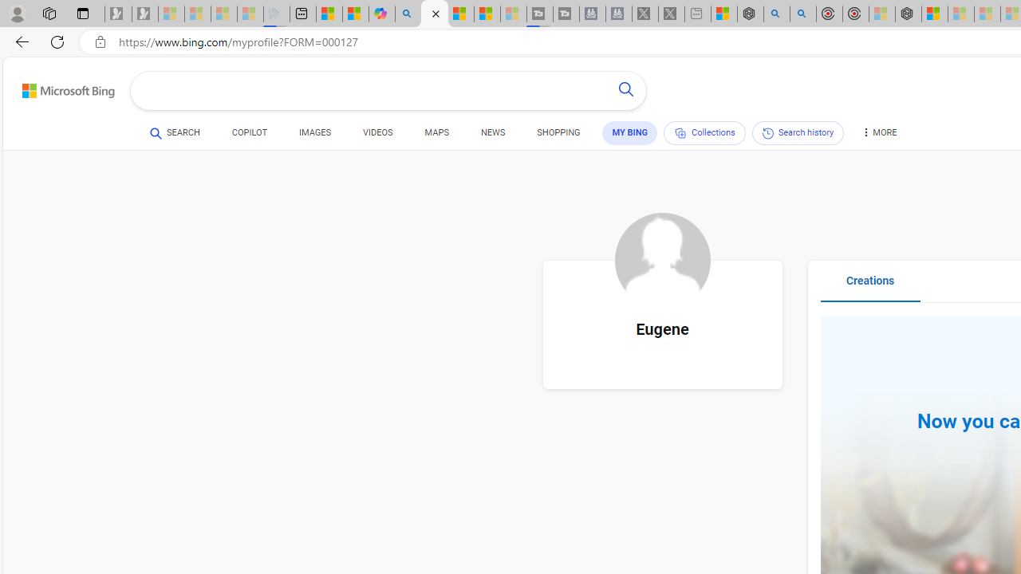  What do you see at coordinates (802, 14) in the screenshot?
I see `'poe ++ standard - Search'` at bounding box center [802, 14].